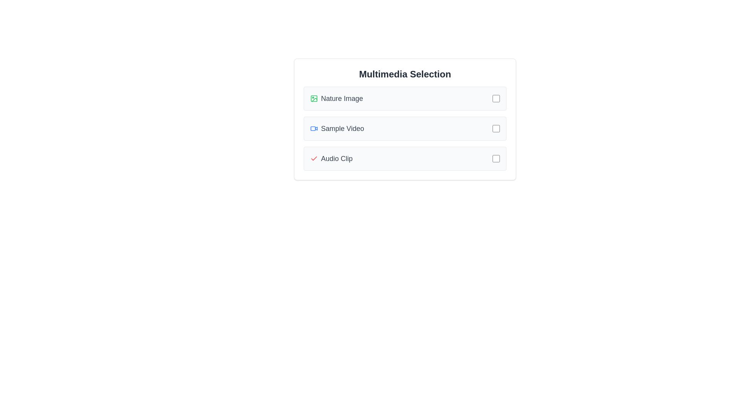  I want to click on the interactive list item labeled 'Sample Video' to focus on this option, so click(405, 128).